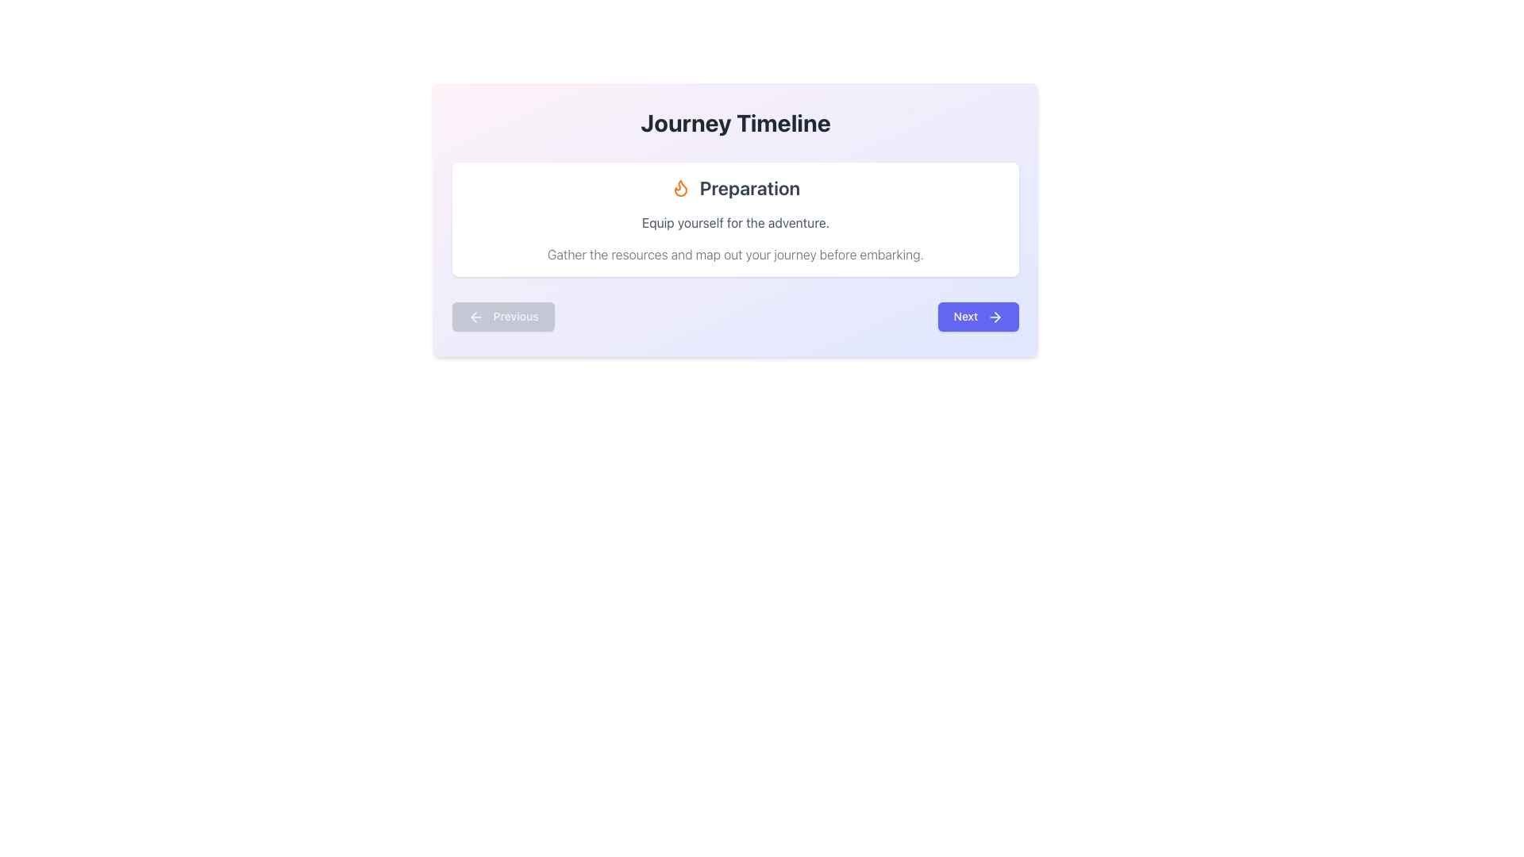  What do you see at coordinates (502, 317) in the screenshot?
I see `the 'Previous' button` at bounding box center [502, 317].